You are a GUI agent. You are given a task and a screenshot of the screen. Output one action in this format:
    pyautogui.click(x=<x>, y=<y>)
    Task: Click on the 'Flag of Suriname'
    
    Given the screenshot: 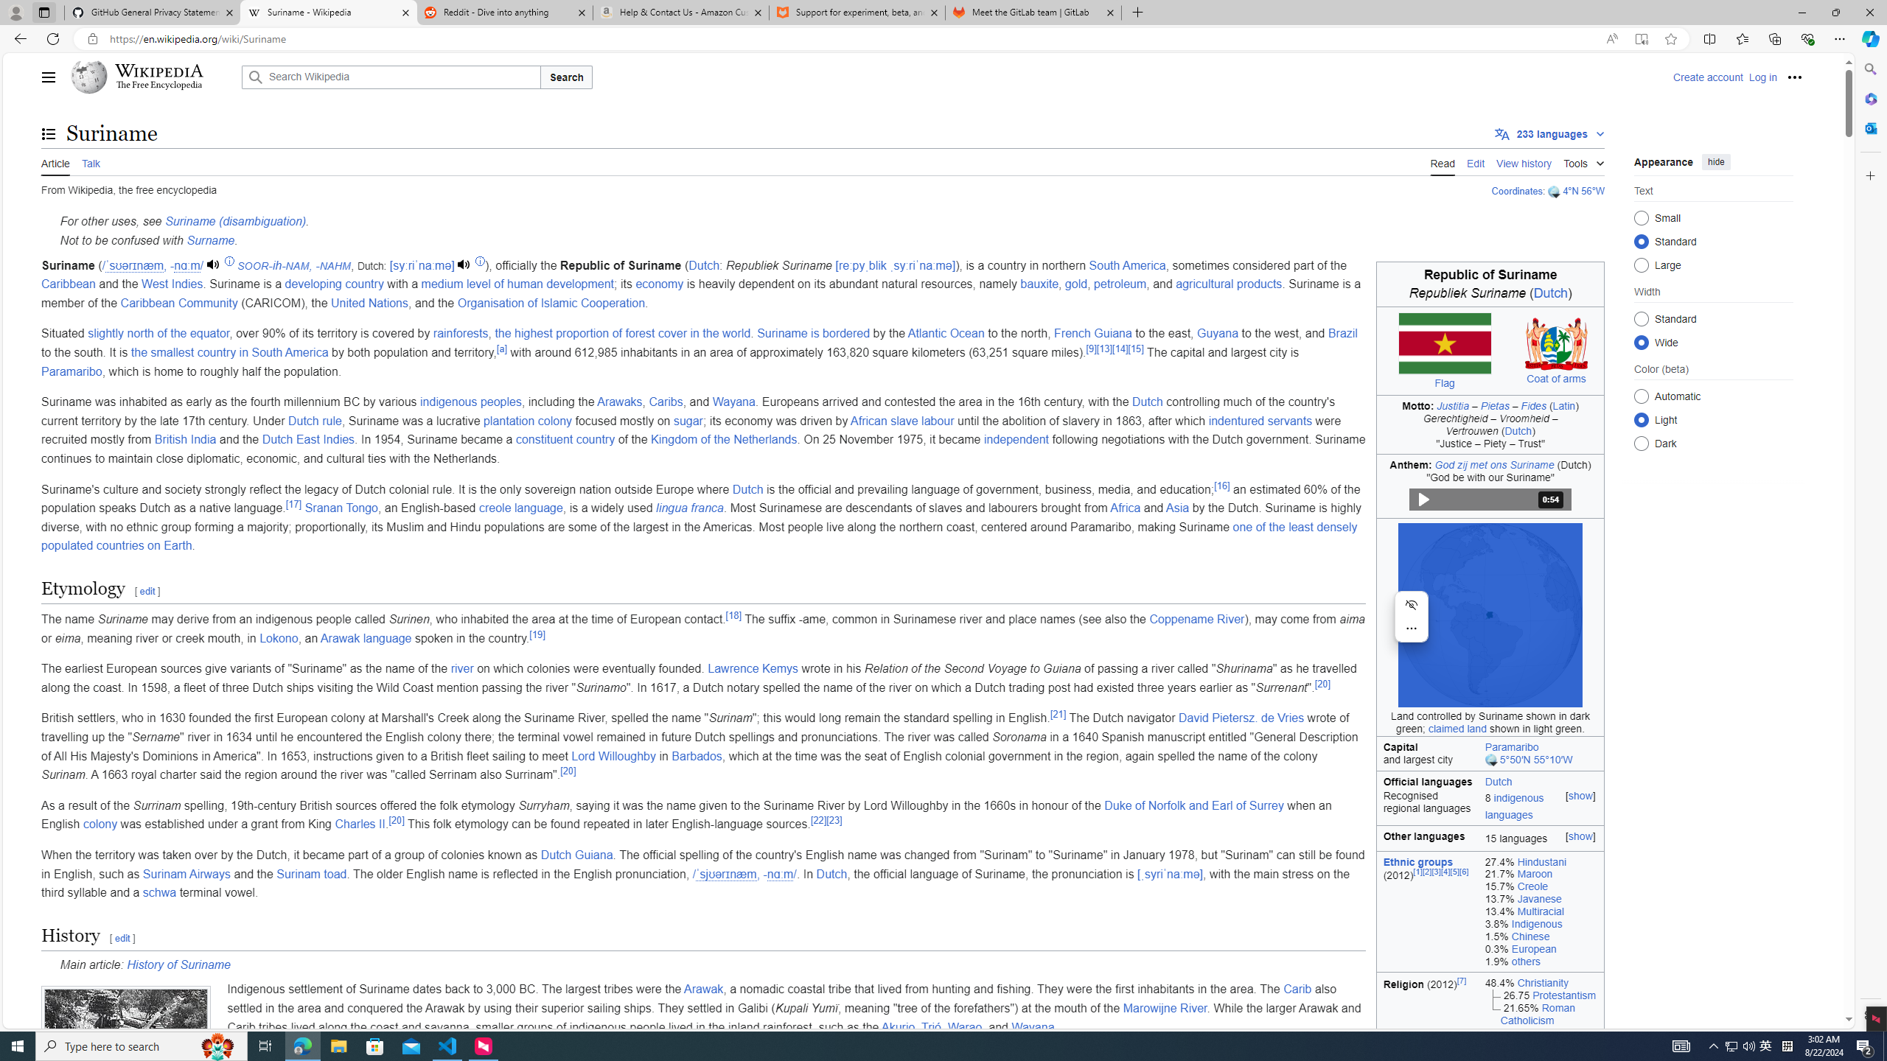 What is the action you would take?
    pyautogui.click(x=1445, y=343)
    